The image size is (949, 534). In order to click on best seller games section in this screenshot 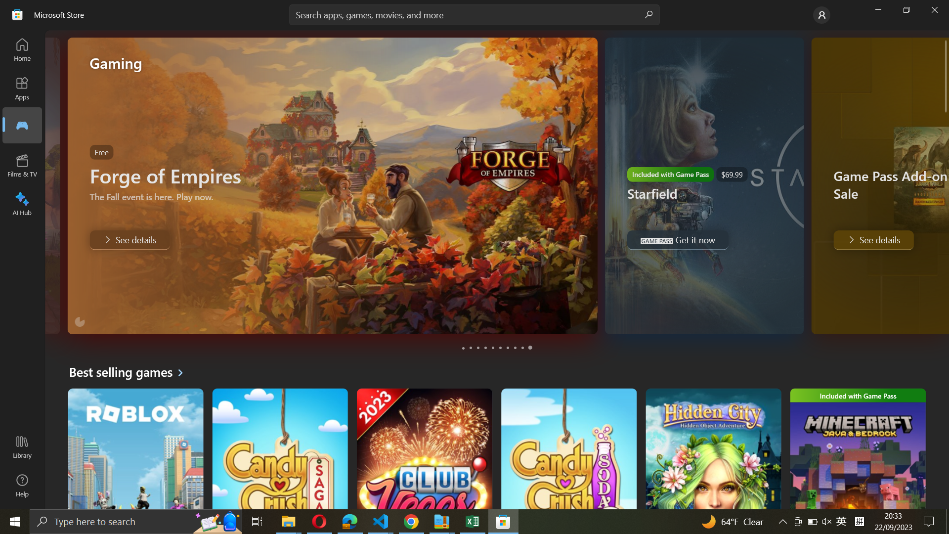, I will do `click(129, 372)`.